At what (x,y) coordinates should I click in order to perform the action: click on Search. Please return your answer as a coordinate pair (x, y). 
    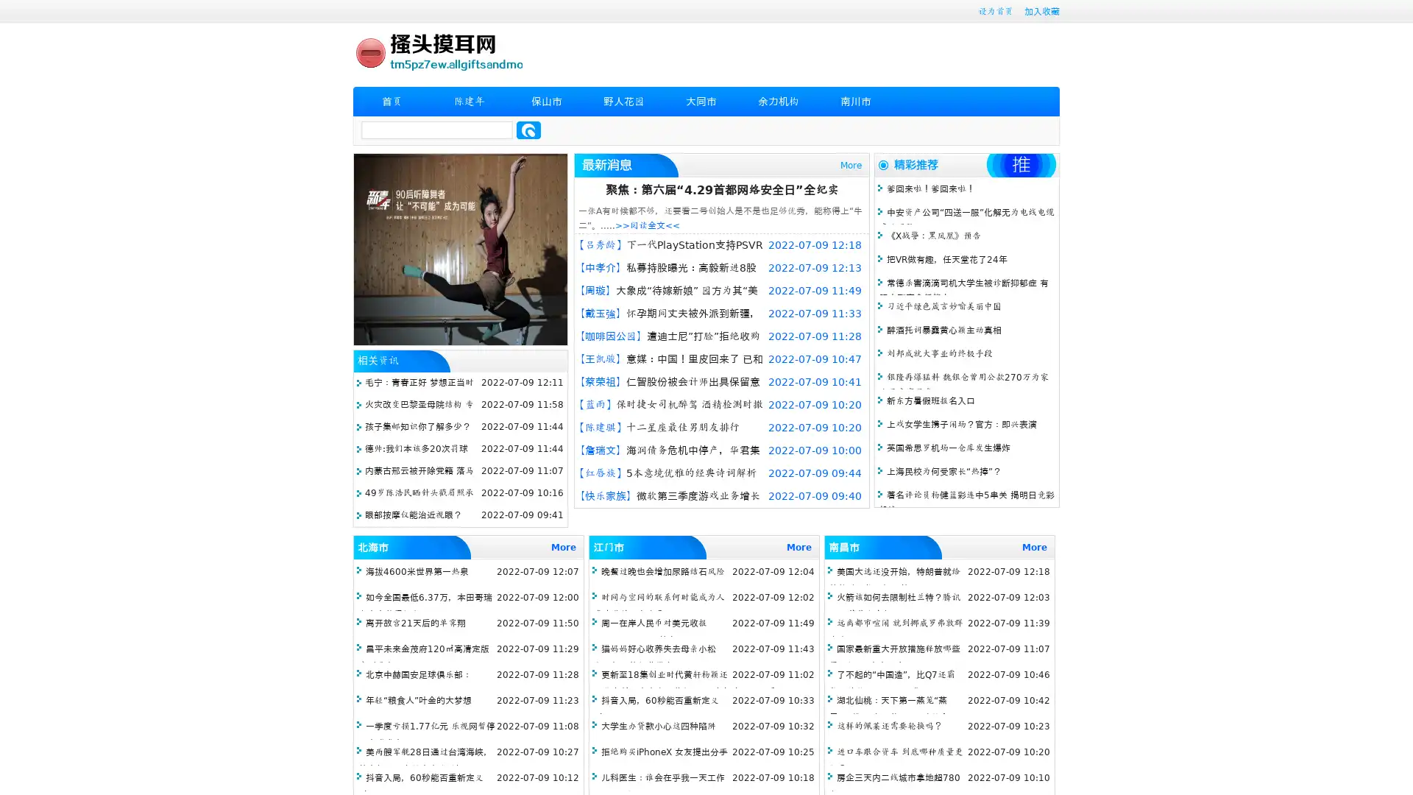
    Looking at the image, I should click on (528, 130).